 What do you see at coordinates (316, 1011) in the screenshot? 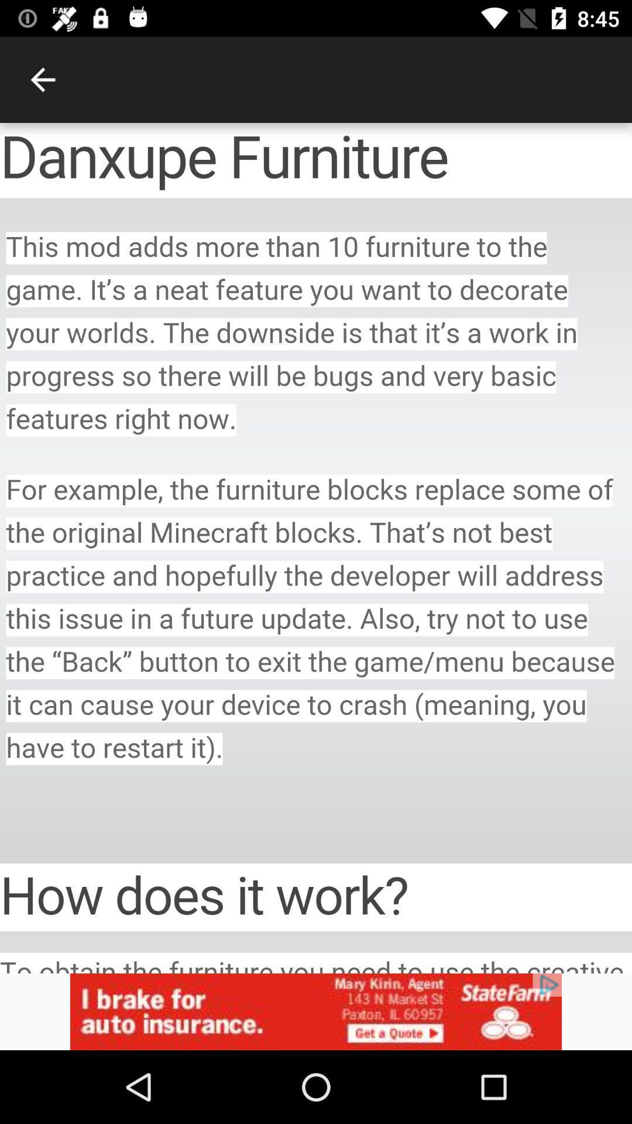
I see `advertisement` at bounding box center [316, 1011].